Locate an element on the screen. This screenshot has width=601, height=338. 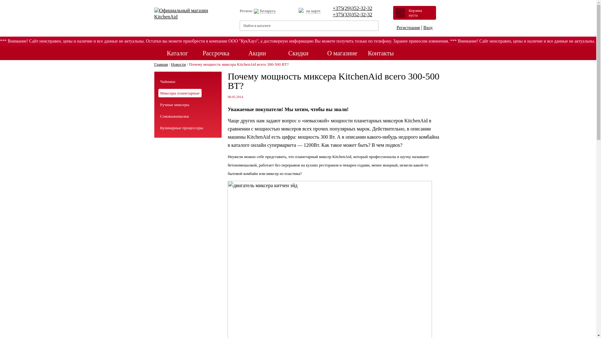
'+375(33)352-32-32' is located at coordinates (352, 14).